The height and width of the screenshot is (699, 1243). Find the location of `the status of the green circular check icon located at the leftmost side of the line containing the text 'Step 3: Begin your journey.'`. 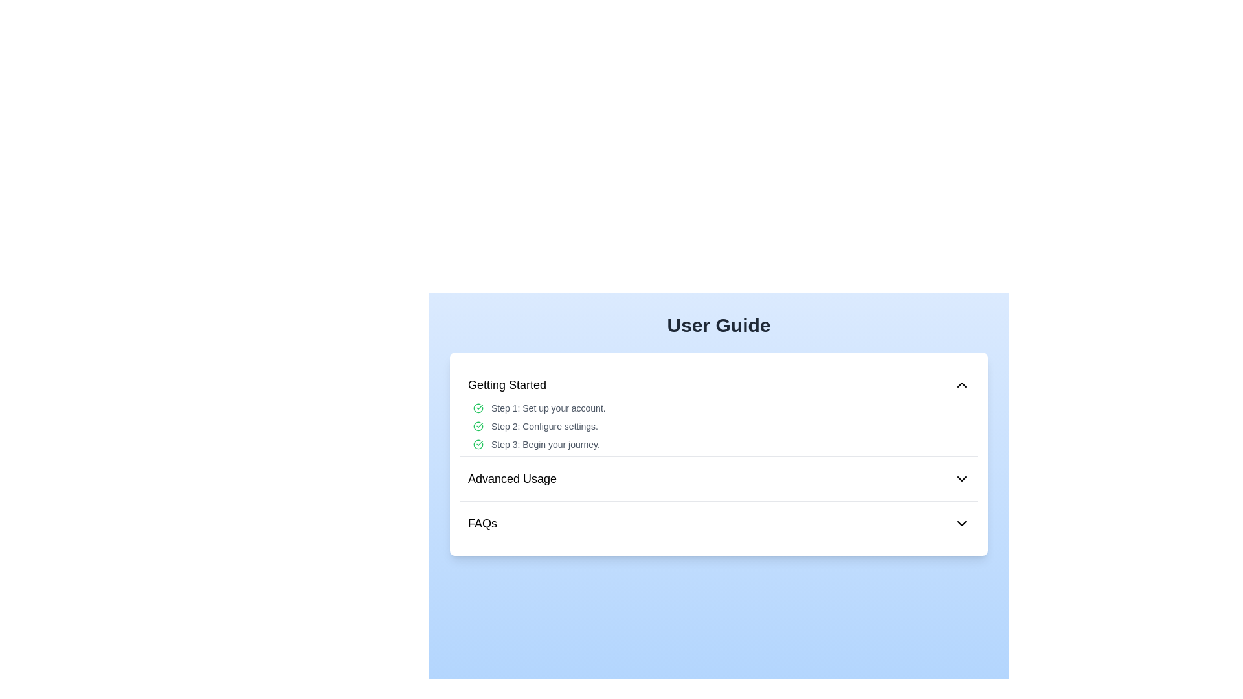

the status of the green circular check icon located at the leftmost side of the line containing the text 'Step 3: Begin your journey.' is located at coordinates (478, 443).